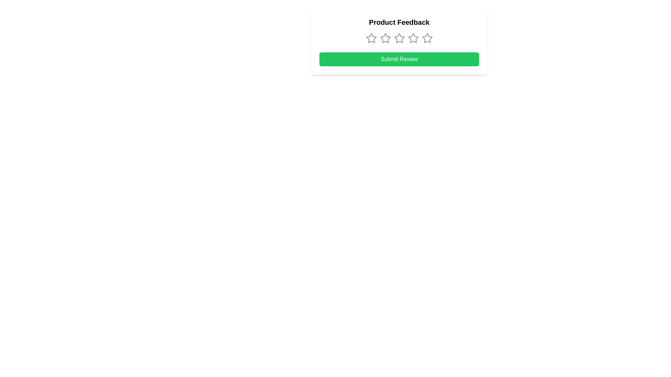  I want to click on the second rating star, so click(385, 38).